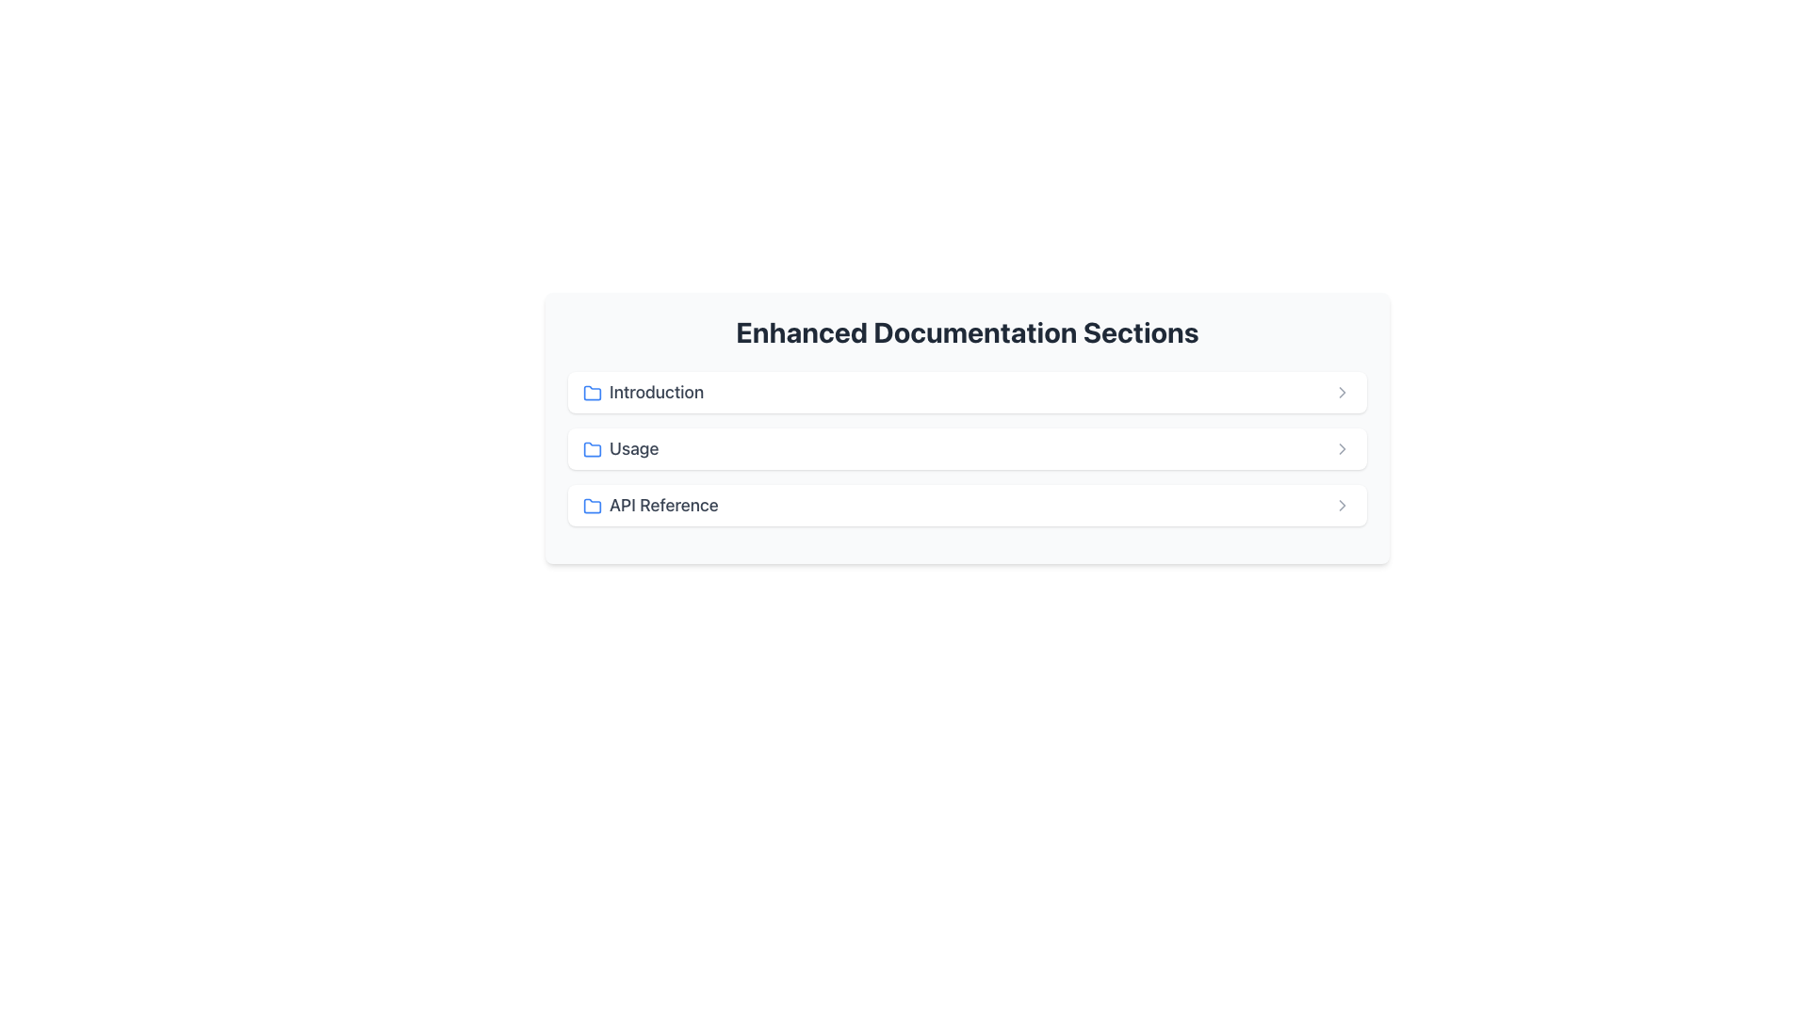 The image size is (1809, 1017). What do you see at coordinates (591, 449) in the screenshot?
I see `the blue folder icon located beside the text 'Usage'` at bounding box center [591, 449].